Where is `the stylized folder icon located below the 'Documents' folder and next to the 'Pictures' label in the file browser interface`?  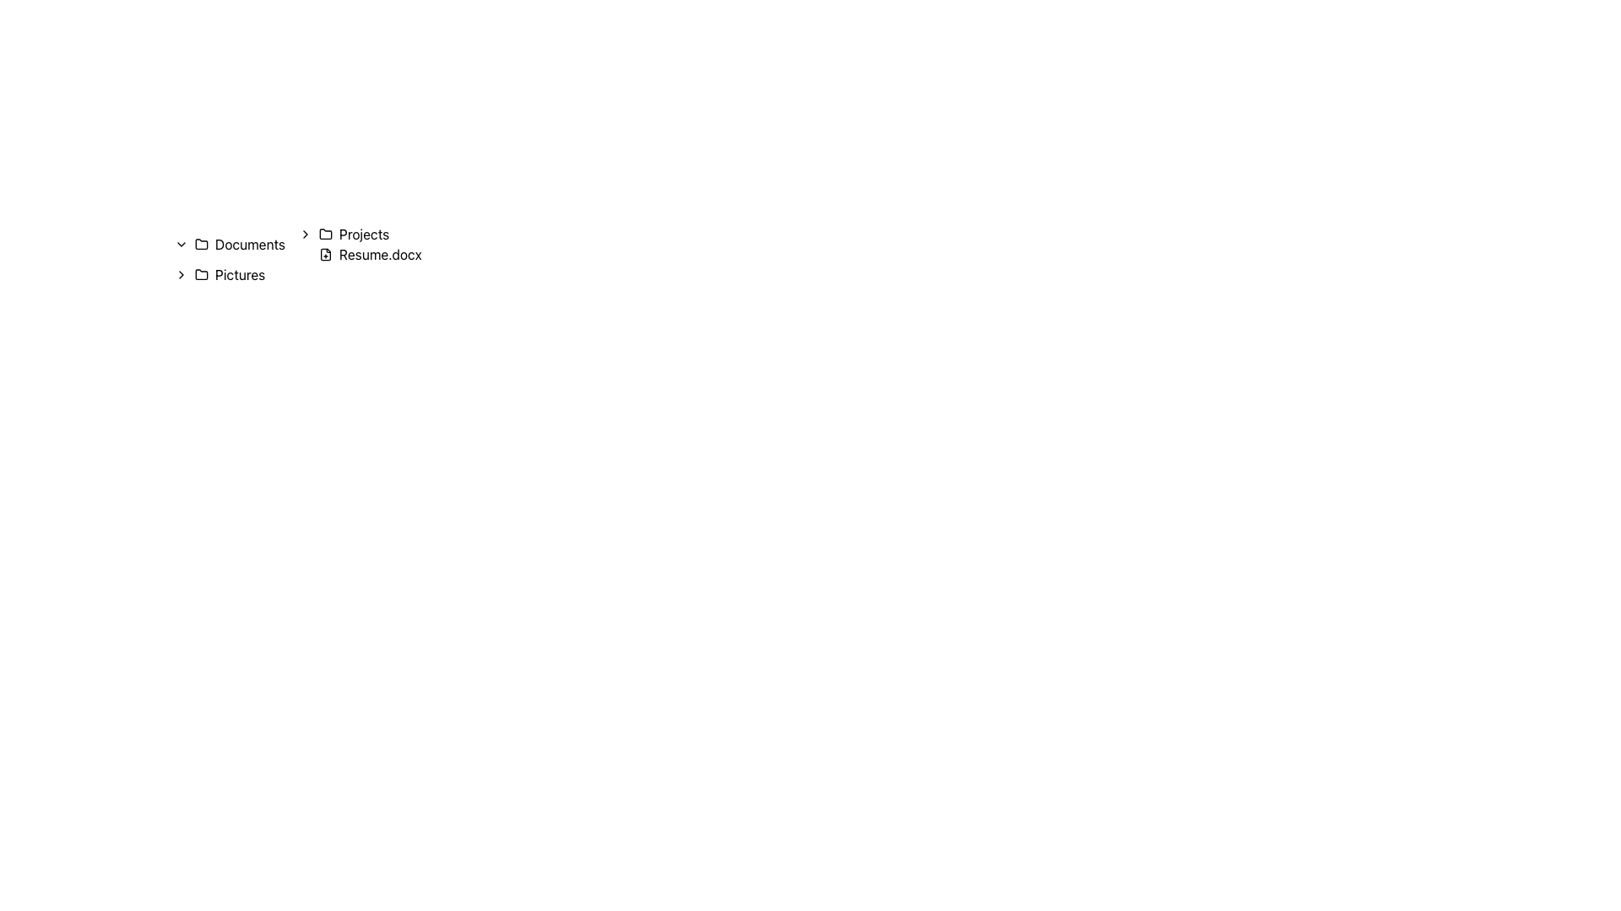
the stylized folder icon located below the 'Documents' folder and next to the 'Pictures' label in the file browser interface is located at coordinates (202, 272).